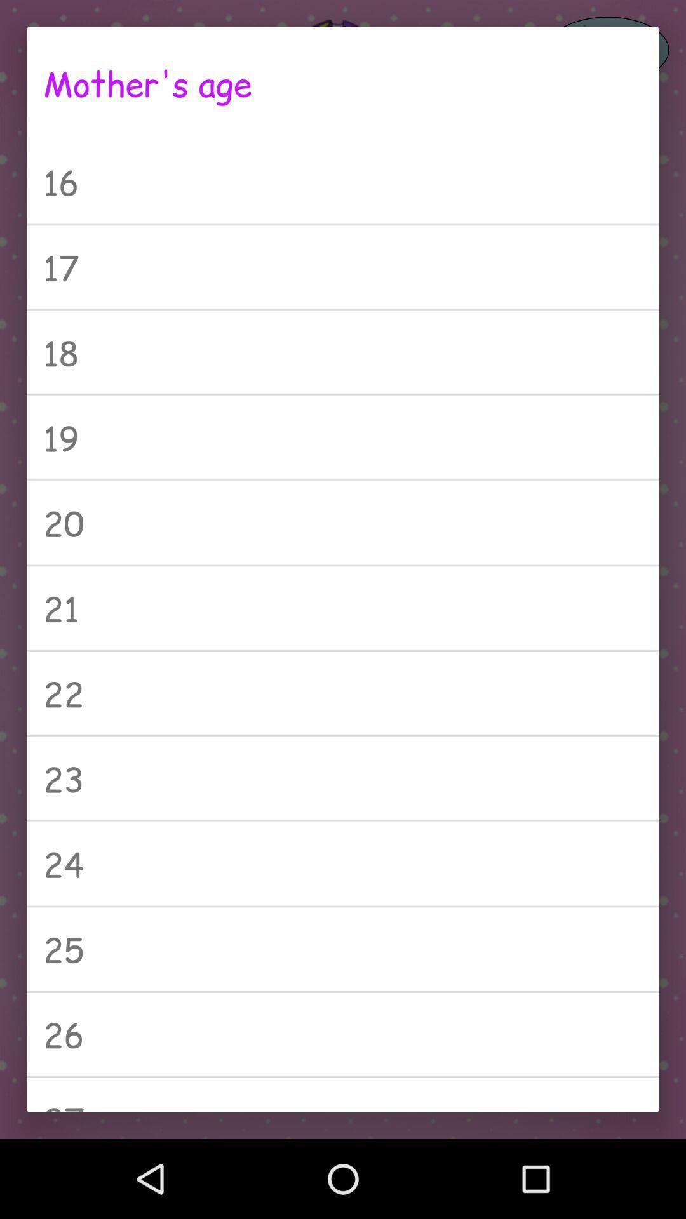 This screenshot has width=686, height=1219. Describe the element at coordinates (343, 608) in the screenshot. I see `icon below the 20` at that location.